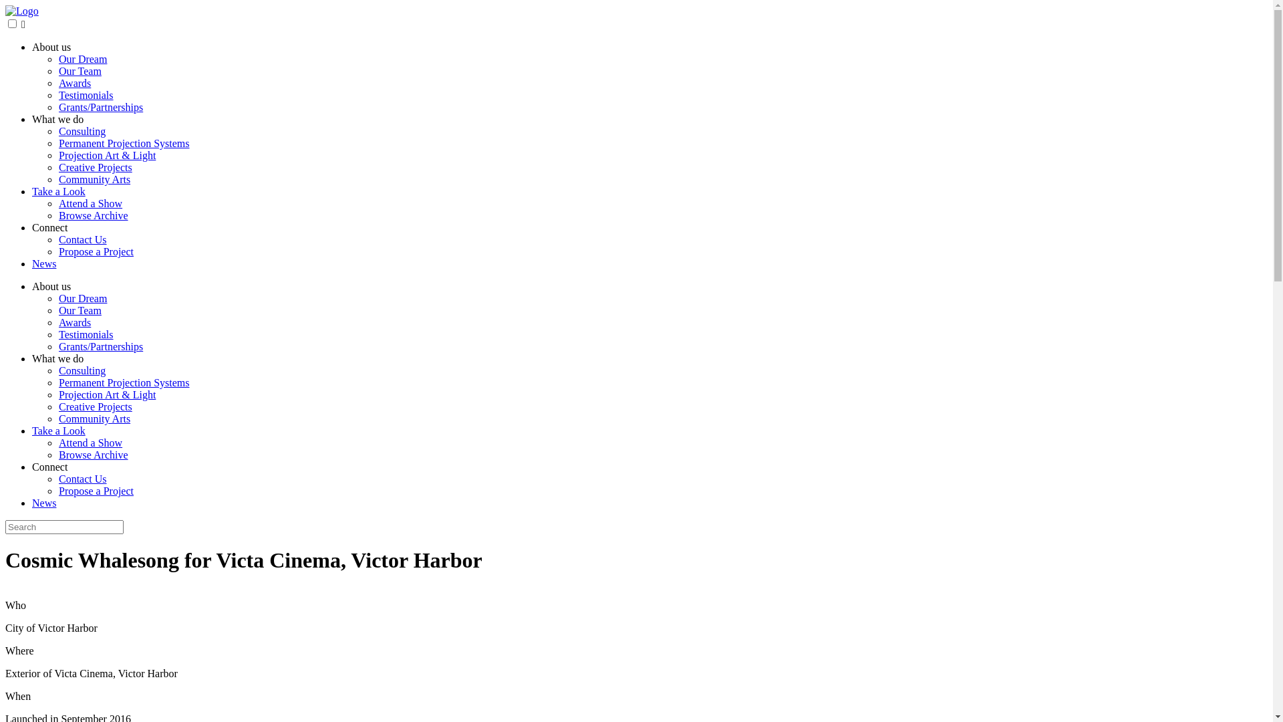  What do you see at coordinates (82, 478) in the screenshot?
I see `'Contact Us'` at bounding box center [82, 478].